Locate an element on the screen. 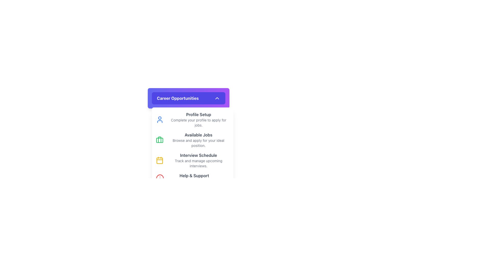 This screenshot has height=275, width=490. the text section titled 'Interview Schedule' with the supporting description 'Track and manage upcoming interviews.' located in the vertical menu, positioned between 'Available Jobs' and 'Help & Support.' is located at coordinates (198, 160).